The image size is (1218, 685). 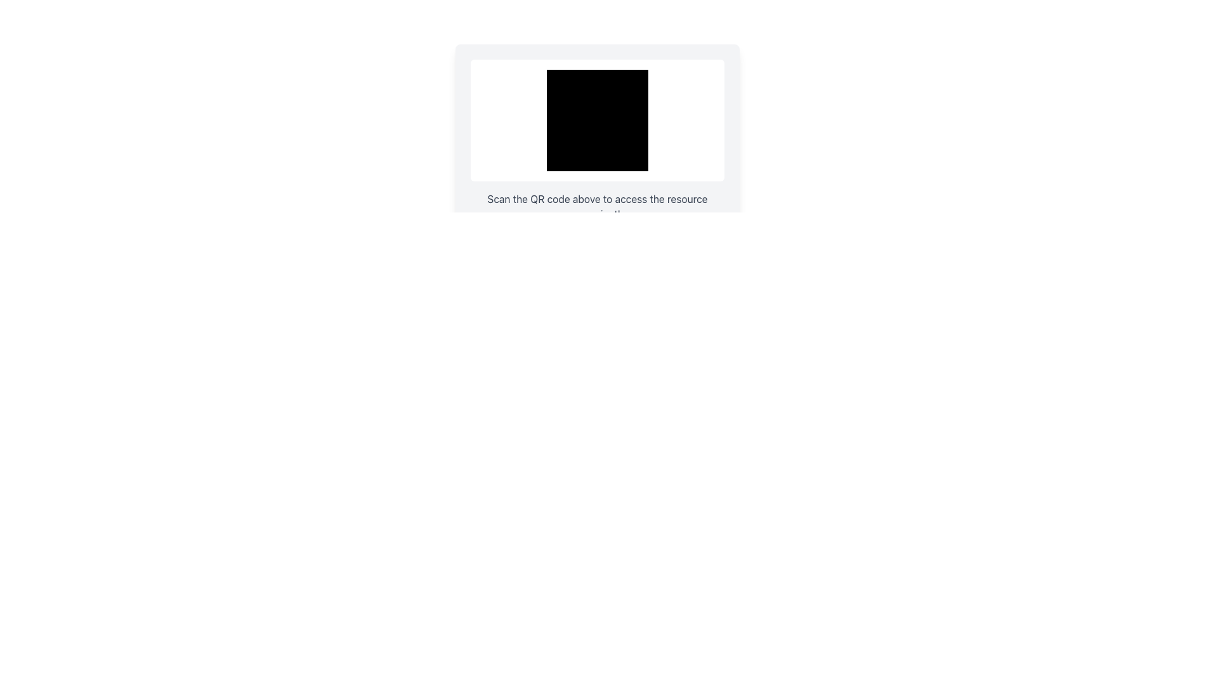 What do you see at coordinates (596, 206) in the screenshot?
I see `instruction displayed on the Static Text Label that says 'Scan the QR code above to access the resource conveniently.'` at bounding box center [596, 206].